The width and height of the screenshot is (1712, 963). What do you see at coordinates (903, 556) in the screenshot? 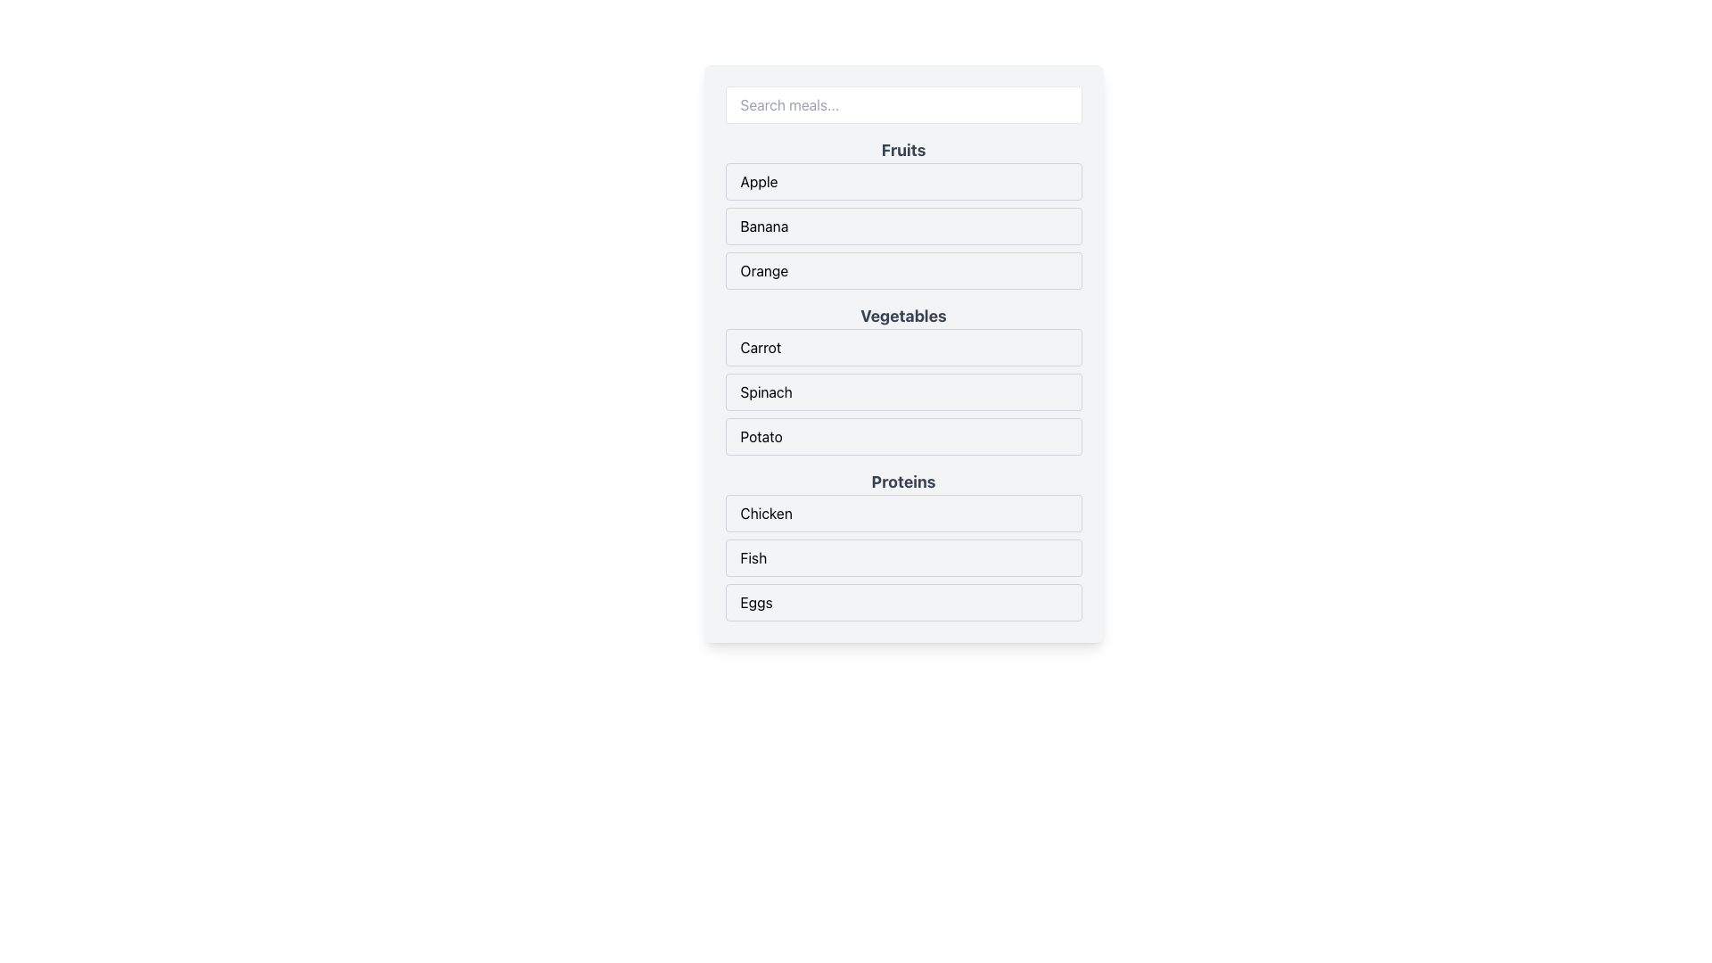
I see `to select the second item in the 'Proteins' section of the selectable list, which is located directly below 'Chicken' and above 'Eggs'` at bounding box center [903, 556].